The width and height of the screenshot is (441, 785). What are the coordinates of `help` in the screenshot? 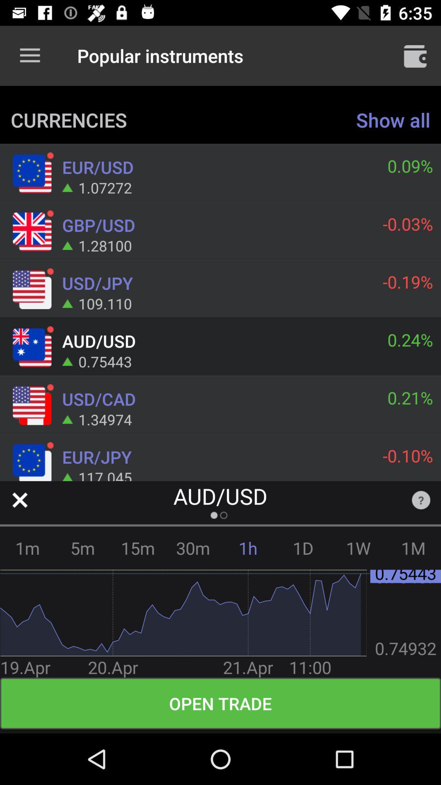 It's located at (421, 500).